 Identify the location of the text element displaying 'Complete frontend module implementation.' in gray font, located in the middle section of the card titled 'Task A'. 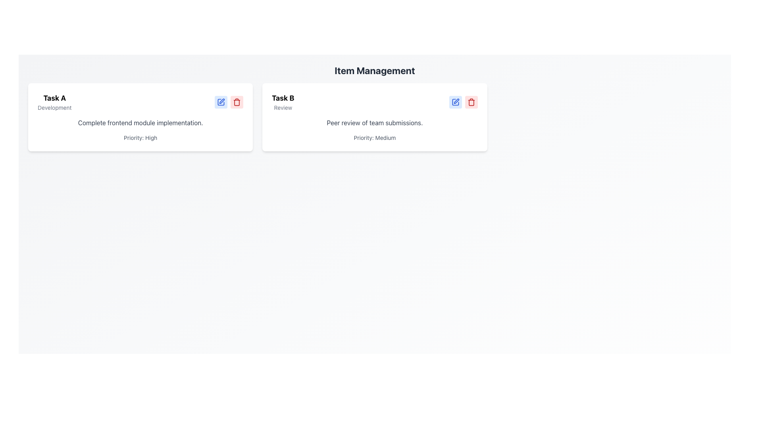
(140, 122).